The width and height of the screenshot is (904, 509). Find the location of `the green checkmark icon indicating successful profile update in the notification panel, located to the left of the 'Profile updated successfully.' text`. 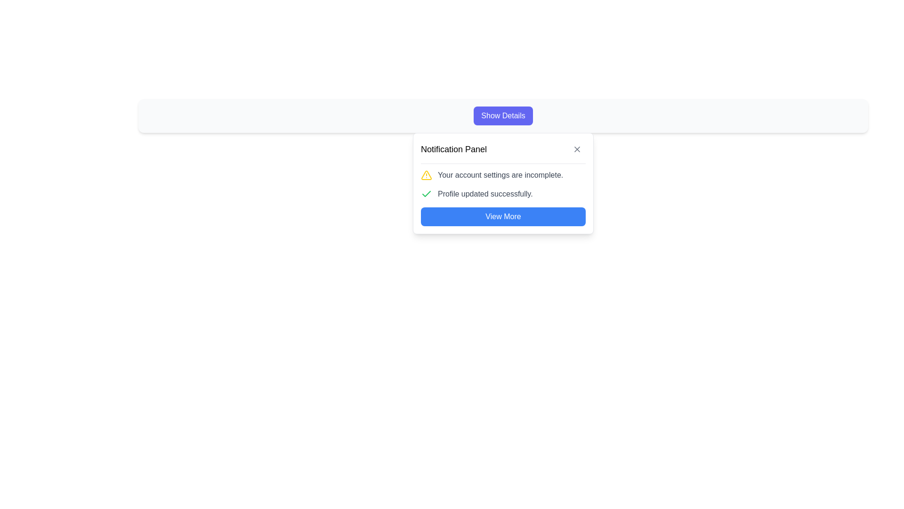

the green checkmark icon indicating successful profile update in the notification panel, located to the left of the 'Profile updated successfully.' text is located at coordinates (426, 194).